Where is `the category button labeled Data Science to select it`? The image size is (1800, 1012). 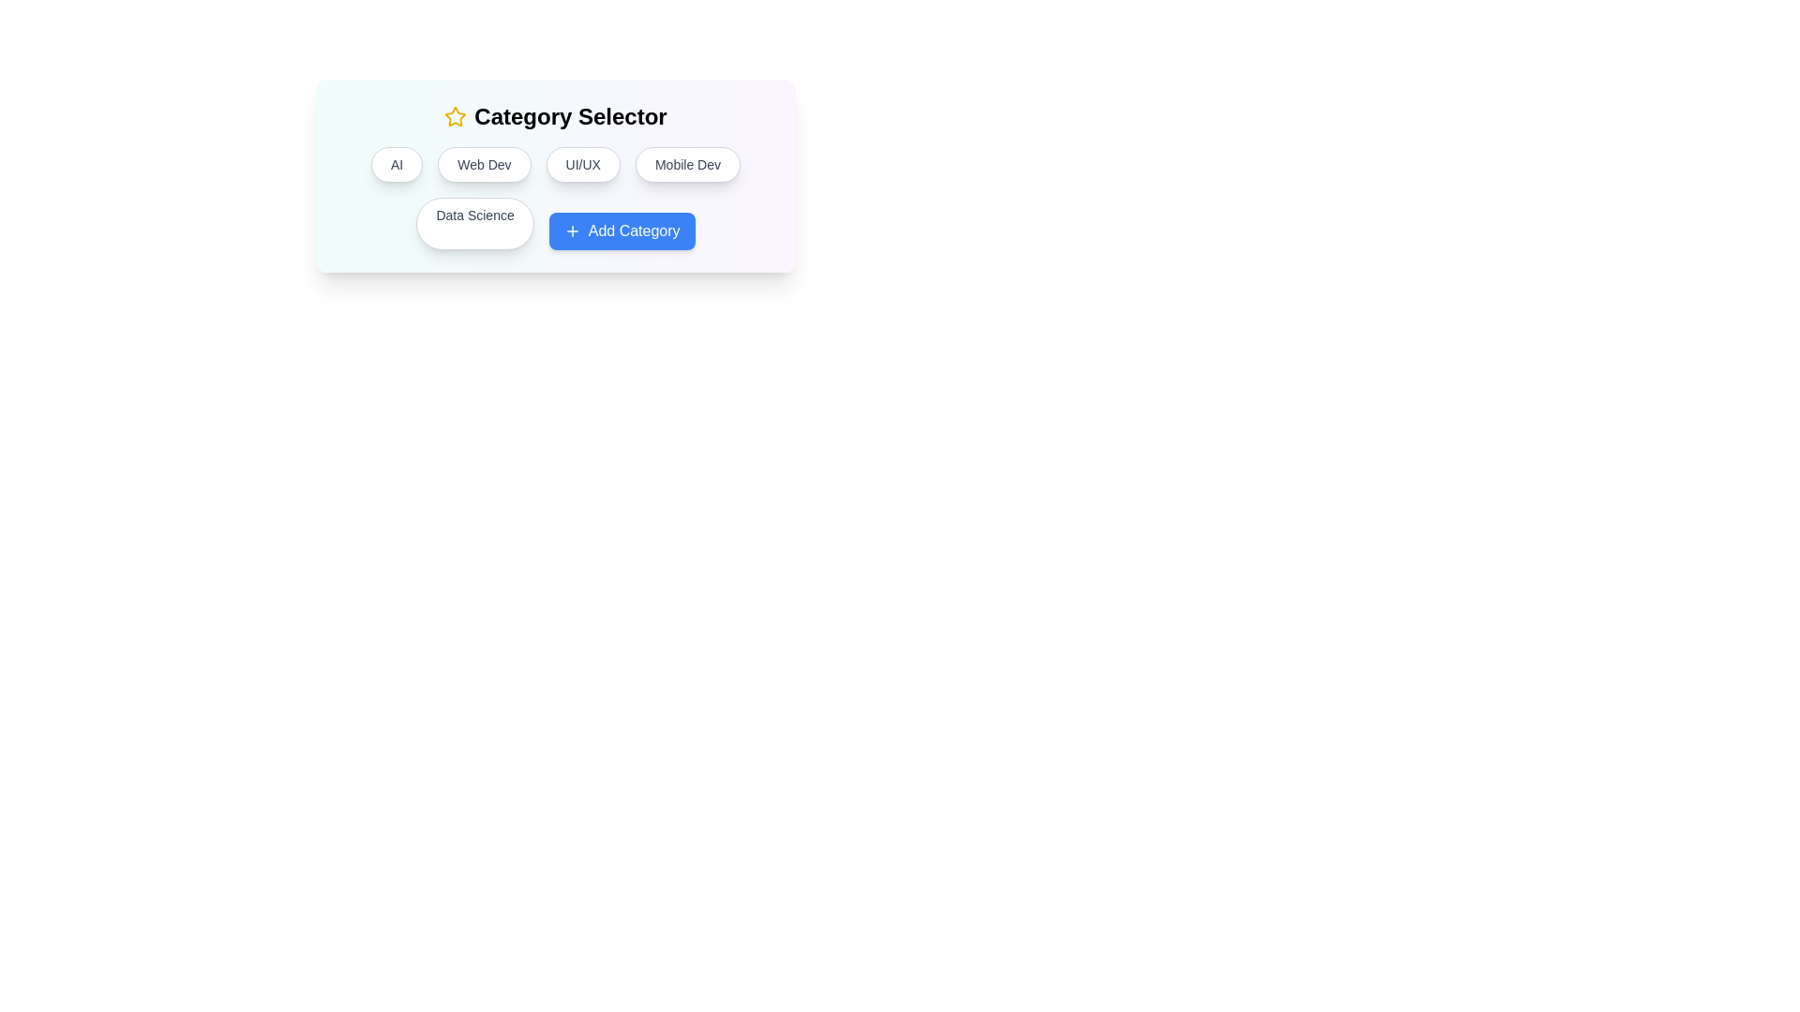 the category button labeled Data Science to select it is located at coordinates (475, 223).